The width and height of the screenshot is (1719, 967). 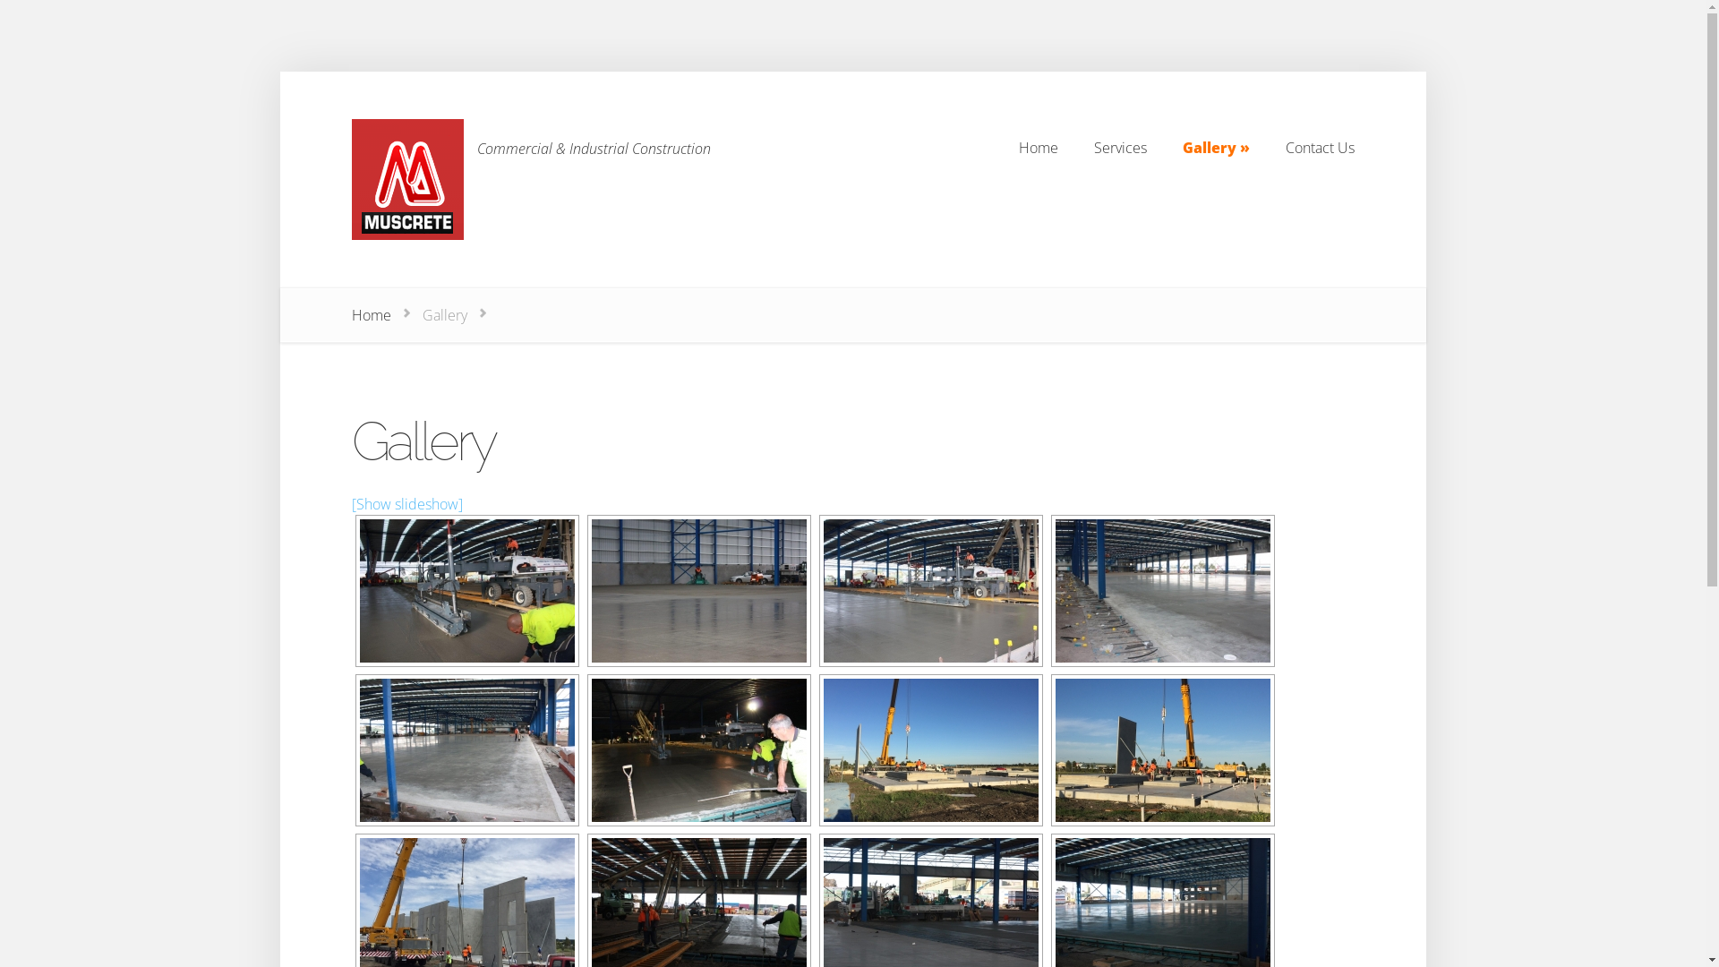 What do you see at coordinates (817, 749) in the screenshot?
I see `'IMG_3011'` at bounding box center [817, 749].